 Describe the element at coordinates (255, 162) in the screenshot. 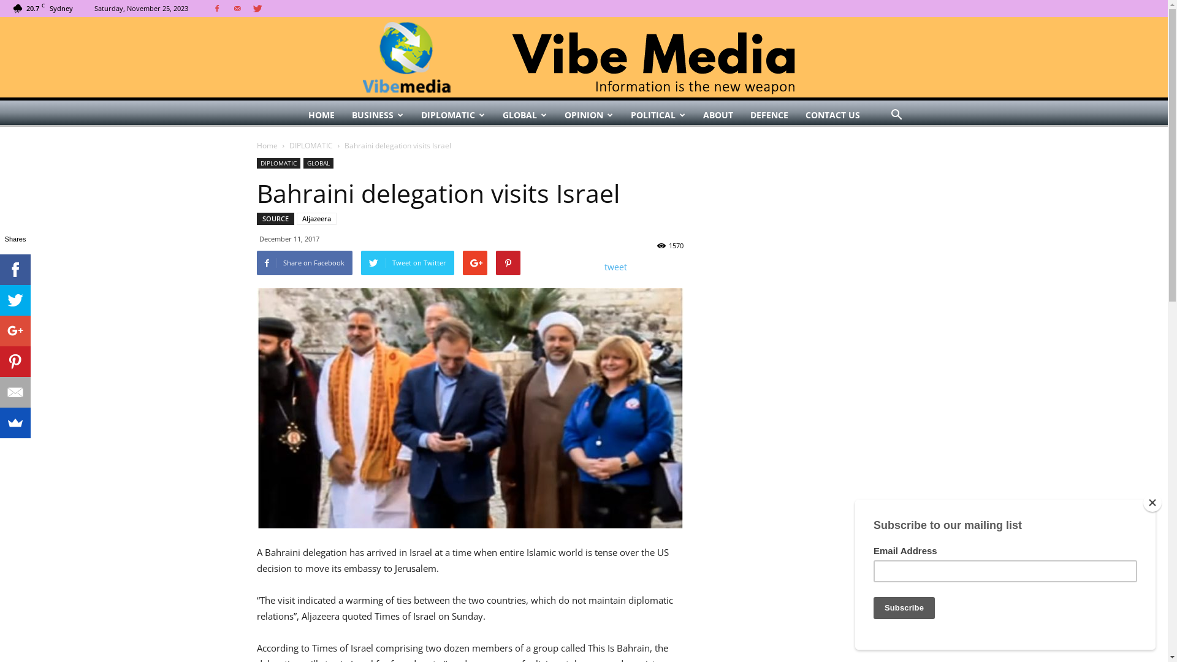

I see `'DIPLOMATIC'` at that location.